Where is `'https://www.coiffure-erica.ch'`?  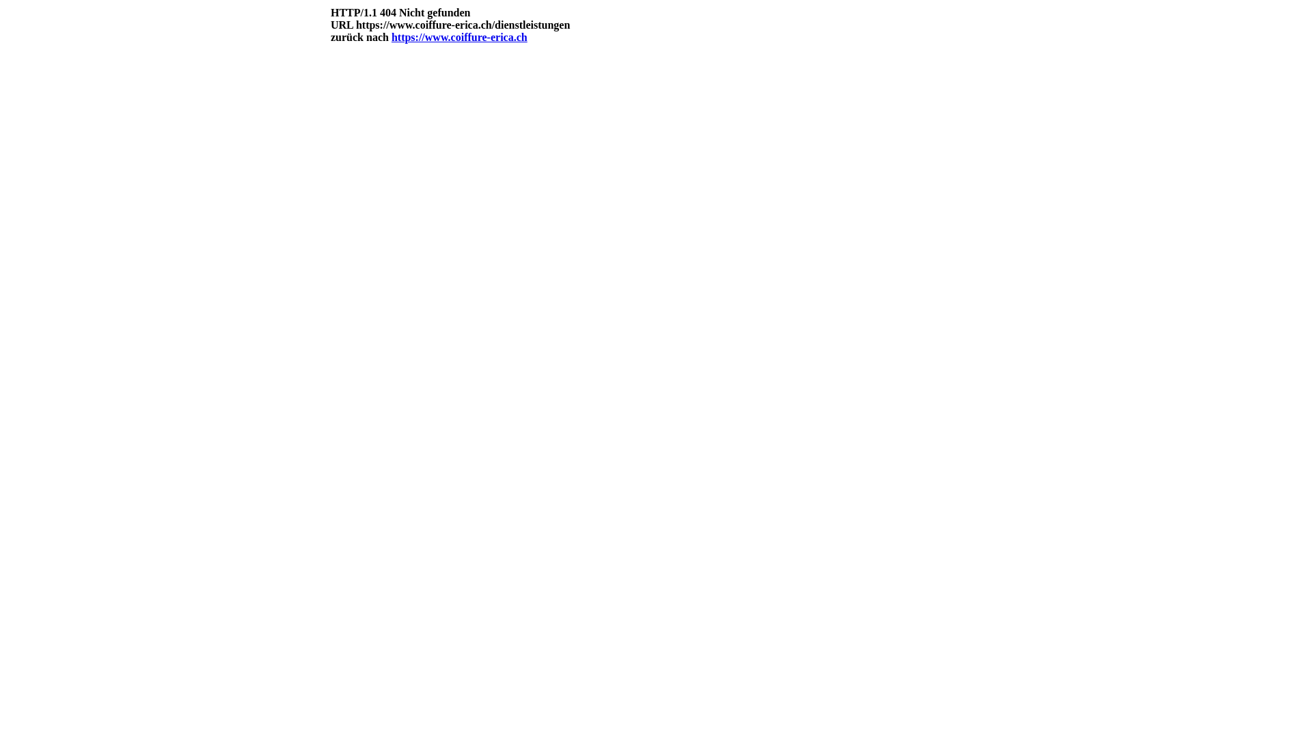 'https://www.coiffure-erica.ch' is located at coordinates (390, 36).